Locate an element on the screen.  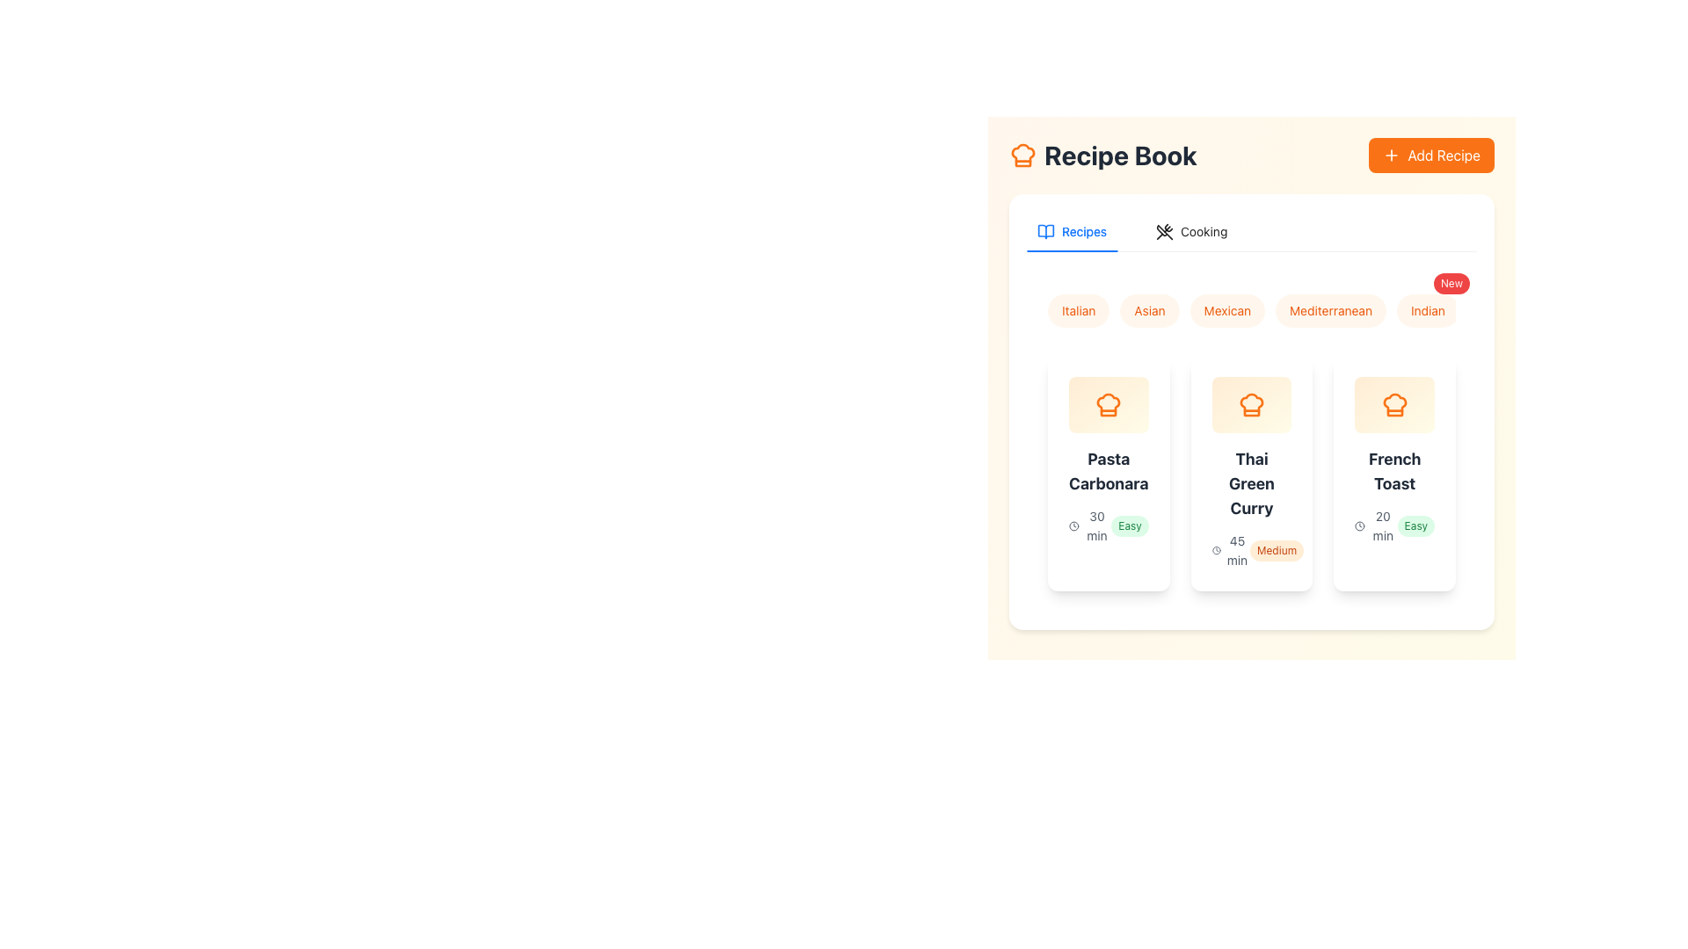
the icon depicting crossed utensils (fork and spoon) located to the left of the text 'Cooking', positioned in the upper-right section of the interface is located at coordinates (1164, 230).